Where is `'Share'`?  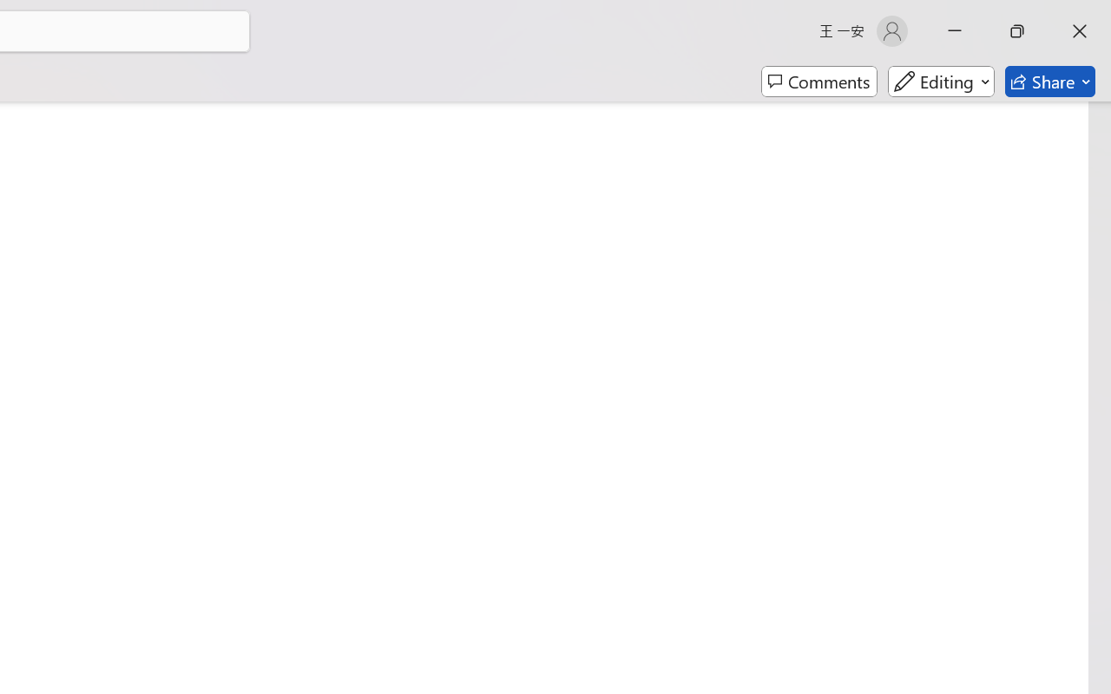 'Share' is located at coordinates (1049, 82).